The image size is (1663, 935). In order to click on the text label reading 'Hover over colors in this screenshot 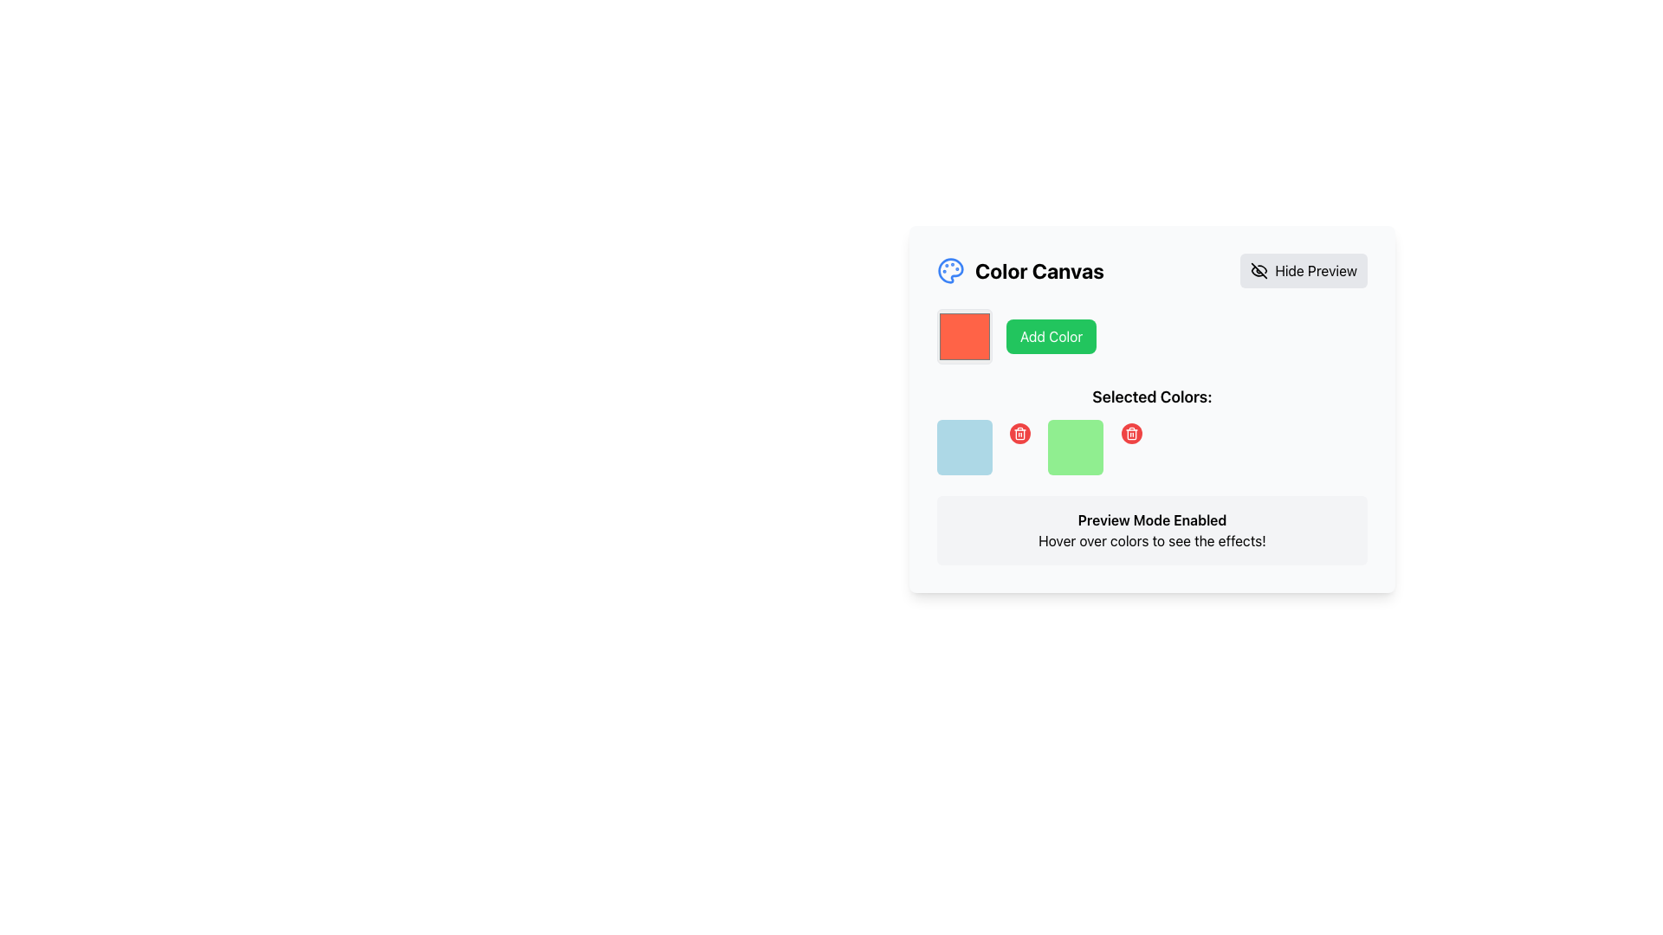, I will do `click(1152, 539)`.